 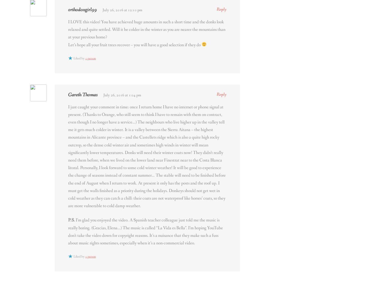 What do you see at coordinates (122, 95) in the screenshot?
I see `'July 26, 2016 at 1:04 pm'` at bounding box center [122, 95].